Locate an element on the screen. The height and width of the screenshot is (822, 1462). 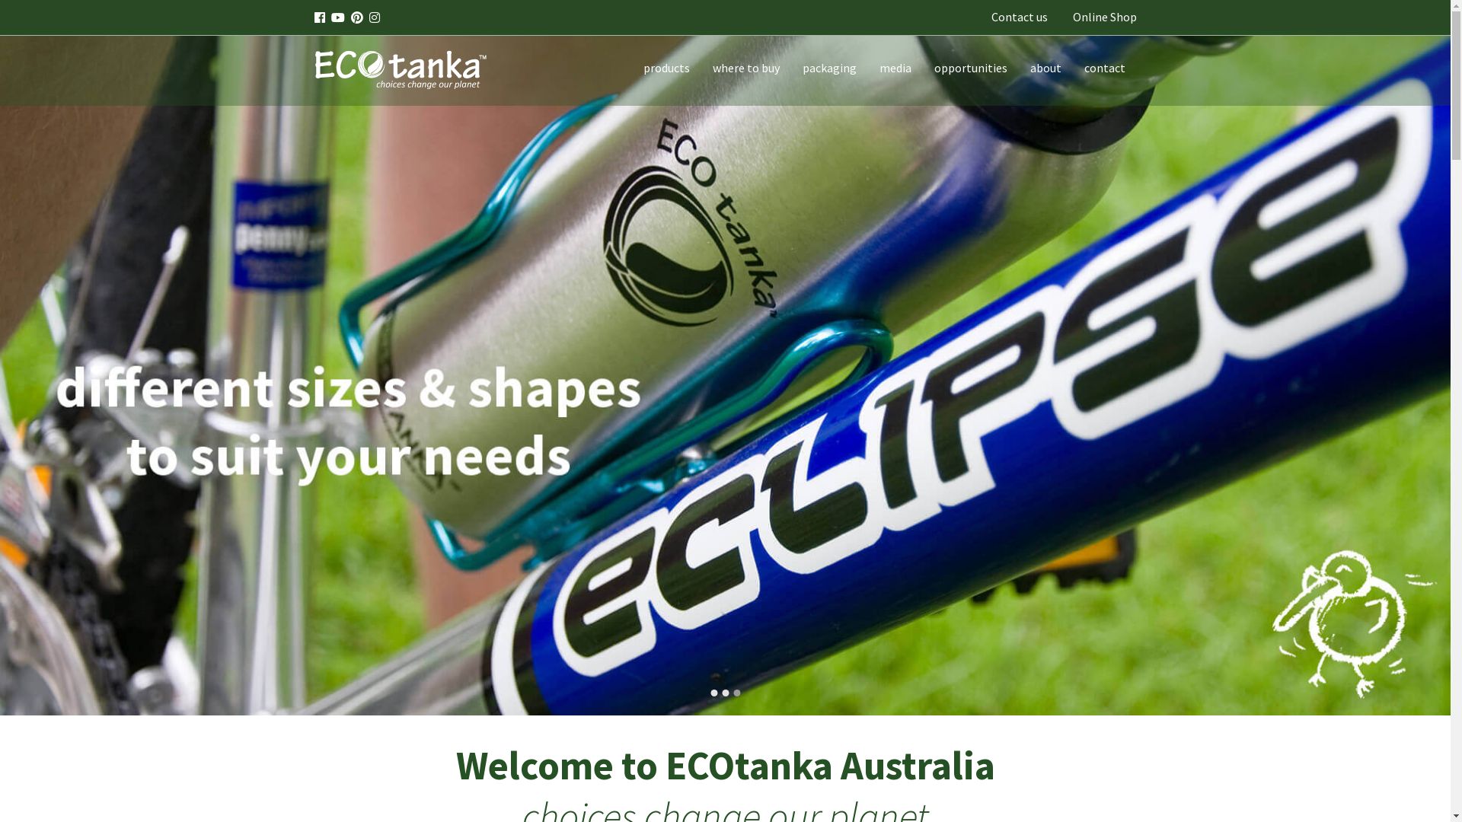
'instagram' is located at coordinates (369, 18).